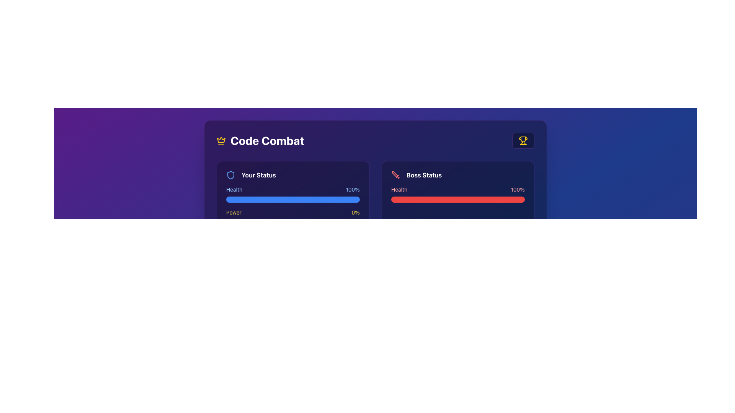  I want to click on the shield icon located at the leftmost side of the 'Your Status' section for visual identification, so click(230, 175).